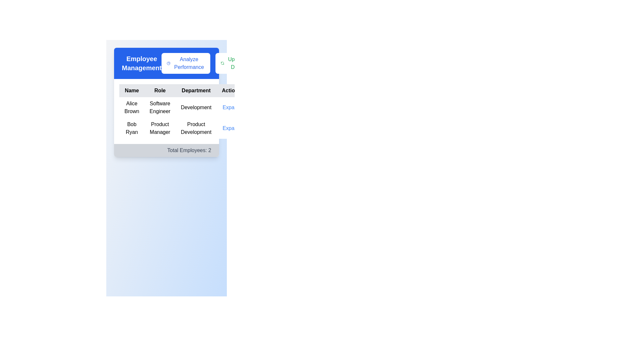  Describe the element at coordinates (182, 107) in the screenshot. I see `on the first row of the table that contains details about an individual, including their name, role, department, and associated action` at that location.